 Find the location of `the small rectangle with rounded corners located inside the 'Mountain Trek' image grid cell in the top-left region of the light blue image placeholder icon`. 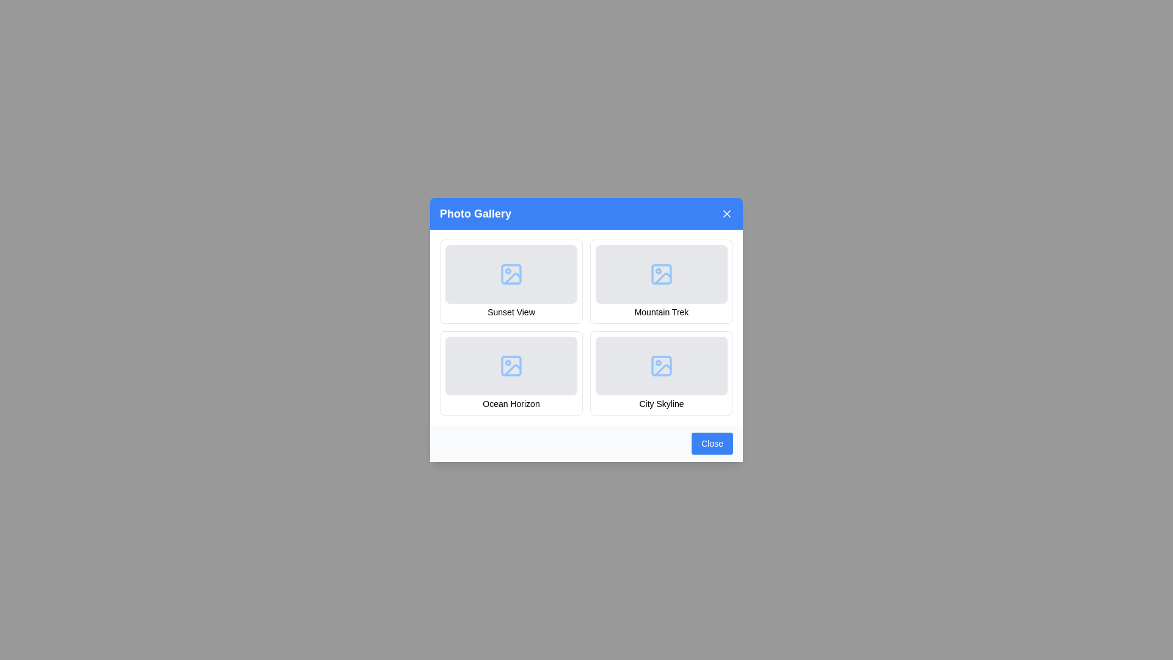

the small rectangle with rounded corners located inside the 'Mountain Trek' image grid cell in the top-left region of the light blue image placeholder icon is located at coordinates (661, 273).